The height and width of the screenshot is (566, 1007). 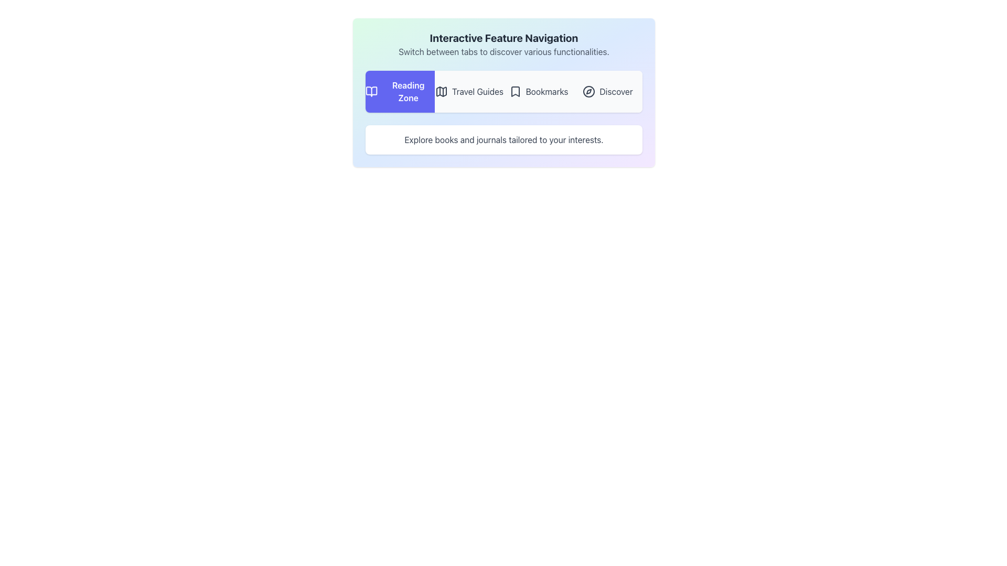 What do you see at coordinates (607, 91) in the screenshot?
I see `the 'Discover' navigation tab located to the right of 'Bookmarks' and 'Travel Guides'` at bounding box center [607, 91].